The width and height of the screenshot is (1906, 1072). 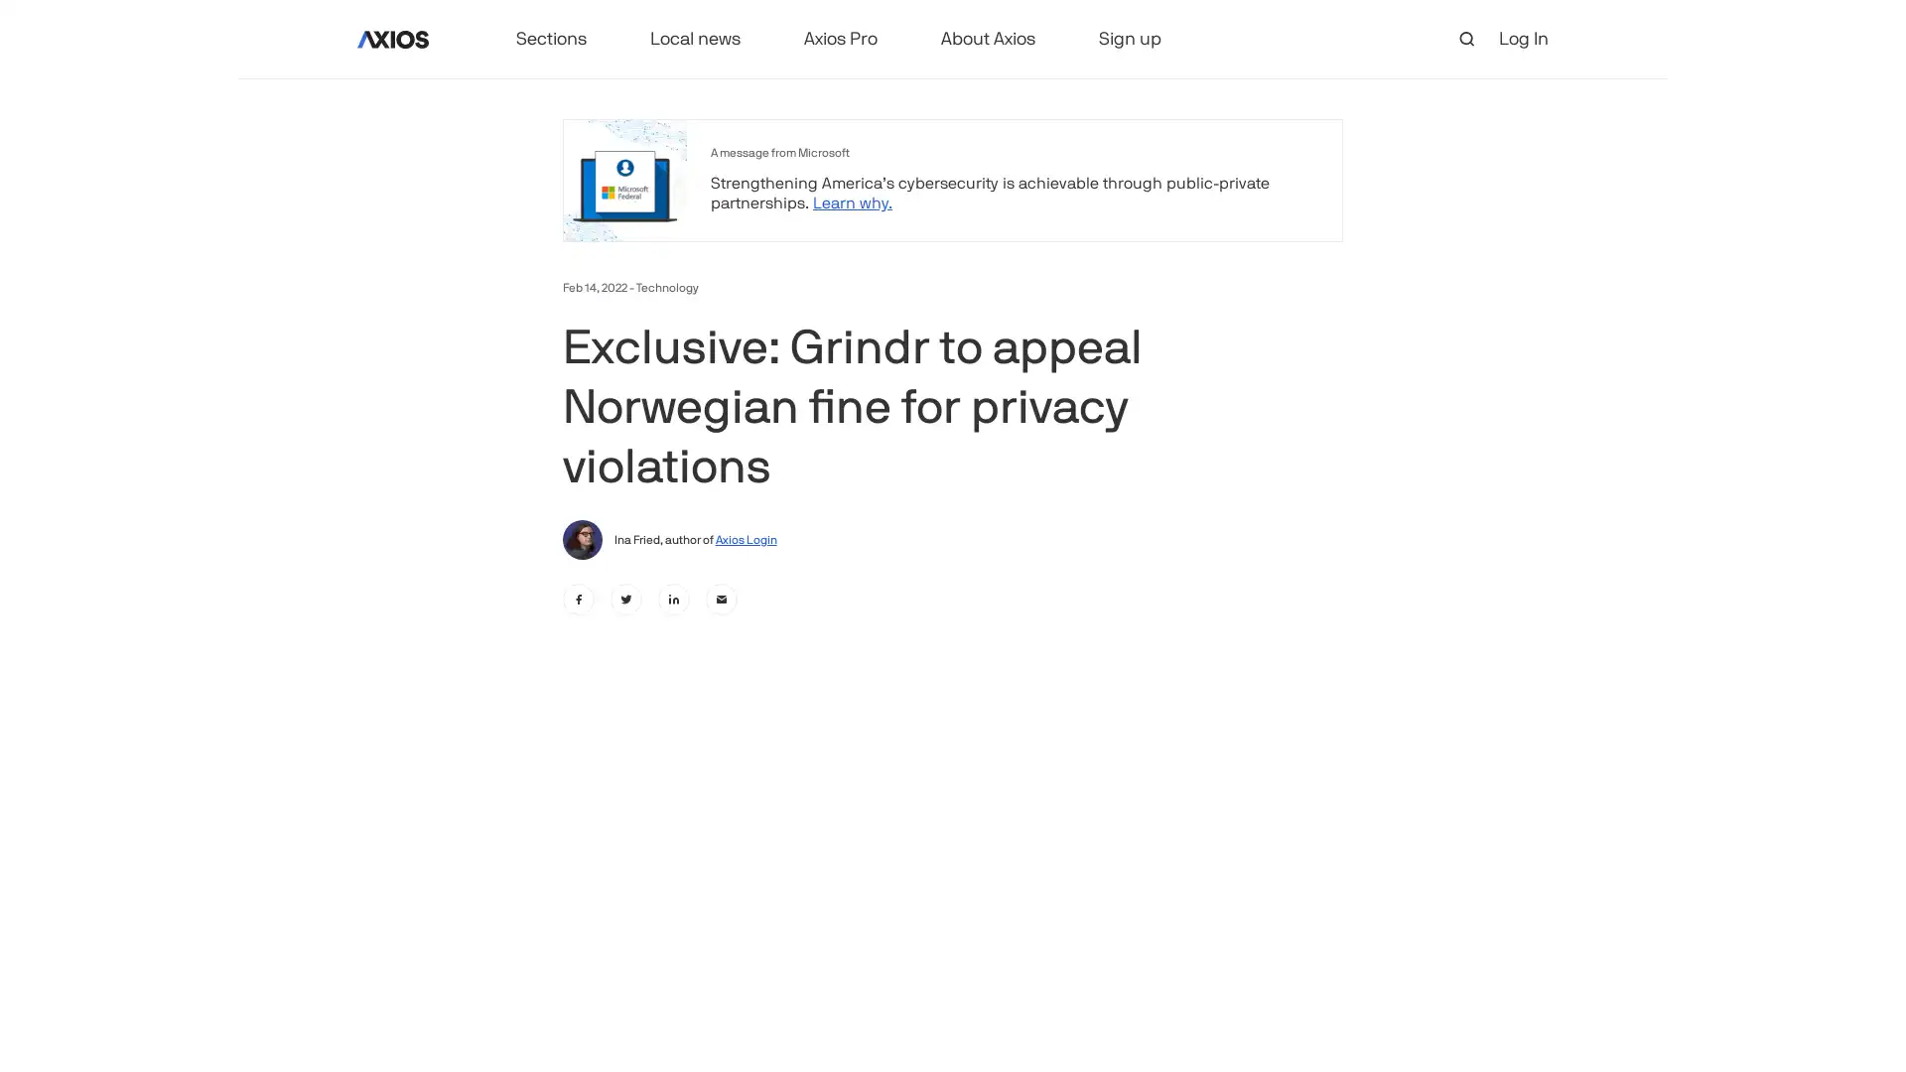 What do you see at coordinates (576, 599) in the screenshot?
I see `facebook` at bounding box center [576, 599].